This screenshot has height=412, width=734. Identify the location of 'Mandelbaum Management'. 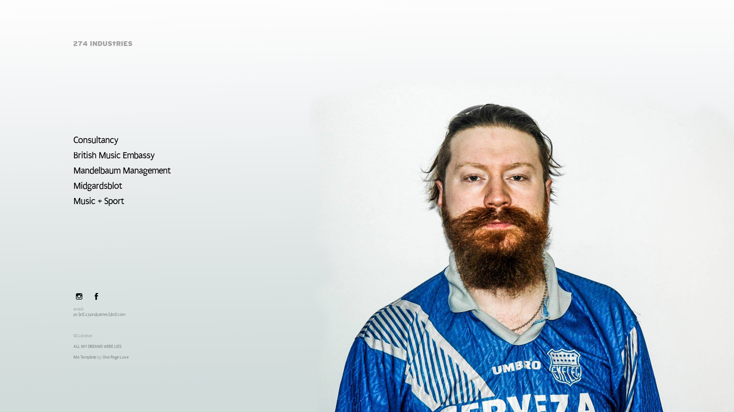
(121, 170).